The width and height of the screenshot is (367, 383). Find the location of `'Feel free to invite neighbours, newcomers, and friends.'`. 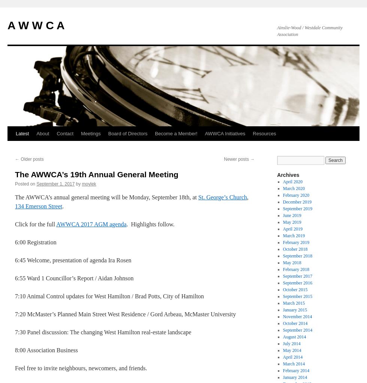

'Feel free to invite neighbours, newcomers, and friends.' is located at coordinates (81, 368).